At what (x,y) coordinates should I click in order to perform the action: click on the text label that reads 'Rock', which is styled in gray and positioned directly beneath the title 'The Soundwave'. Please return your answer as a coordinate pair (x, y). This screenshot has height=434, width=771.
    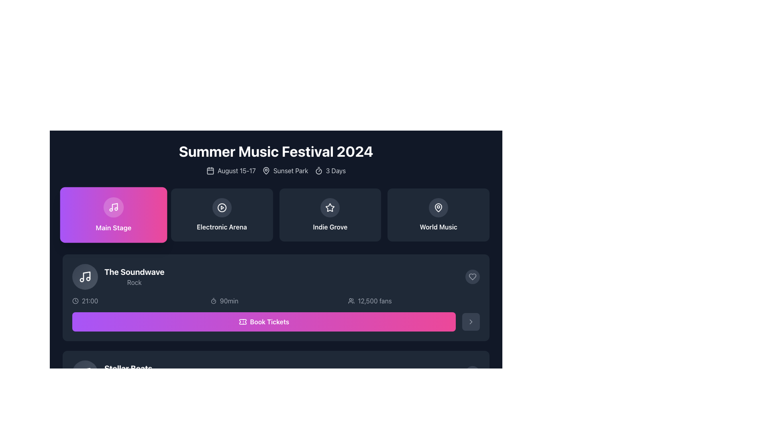
    Looking at the image, I should click on (134, 282).